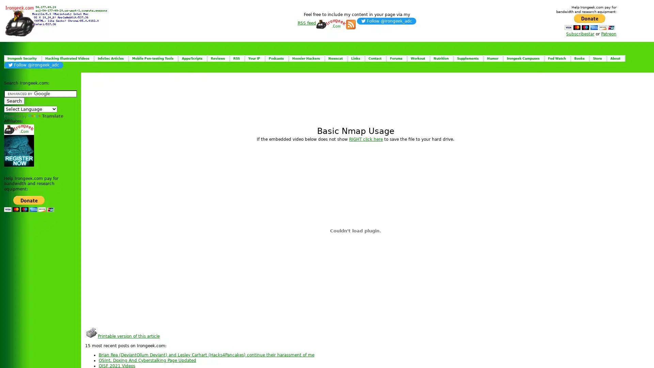 This screenshot has height=368, width=654. Describe the element at coordinates (29, 203) in the screenshot. I see `Make payments with PayPal - it's fast, free and secure!` at that location.